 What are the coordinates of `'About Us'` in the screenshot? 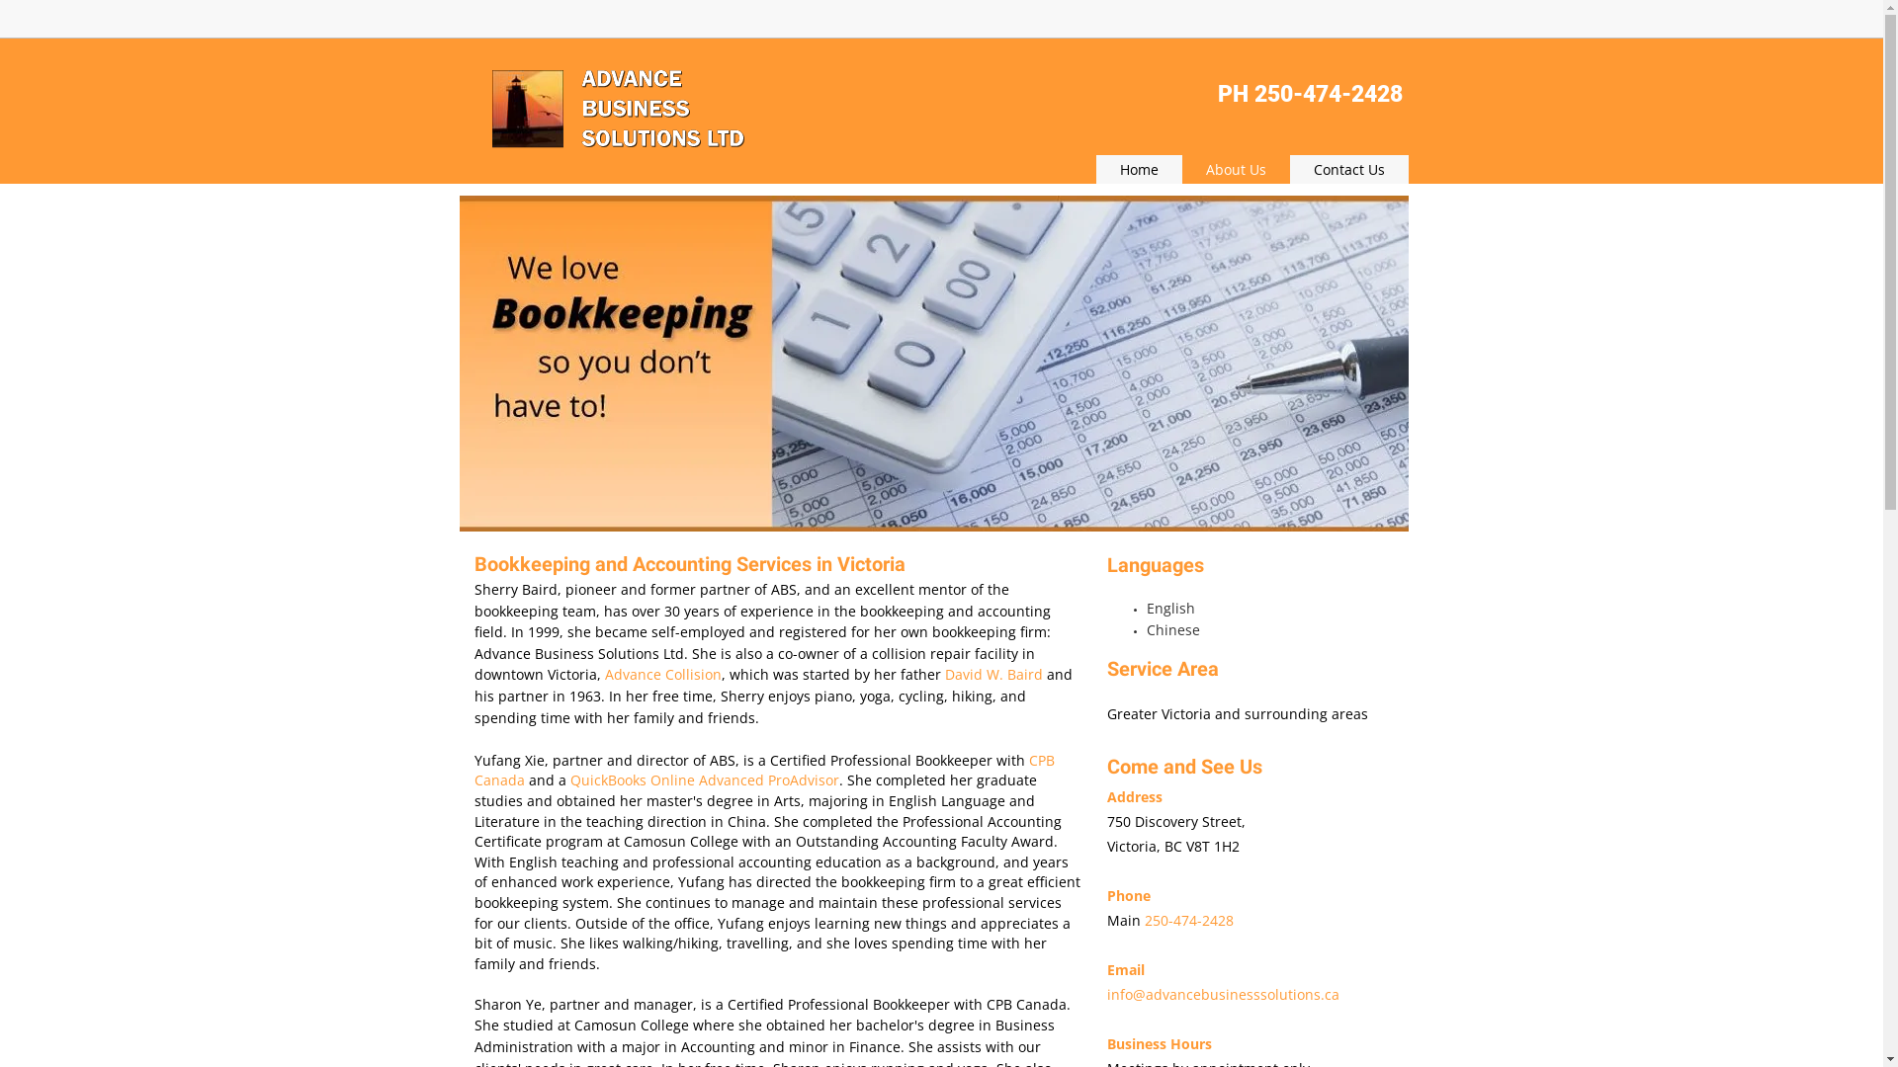 It's located at (1235, 168).